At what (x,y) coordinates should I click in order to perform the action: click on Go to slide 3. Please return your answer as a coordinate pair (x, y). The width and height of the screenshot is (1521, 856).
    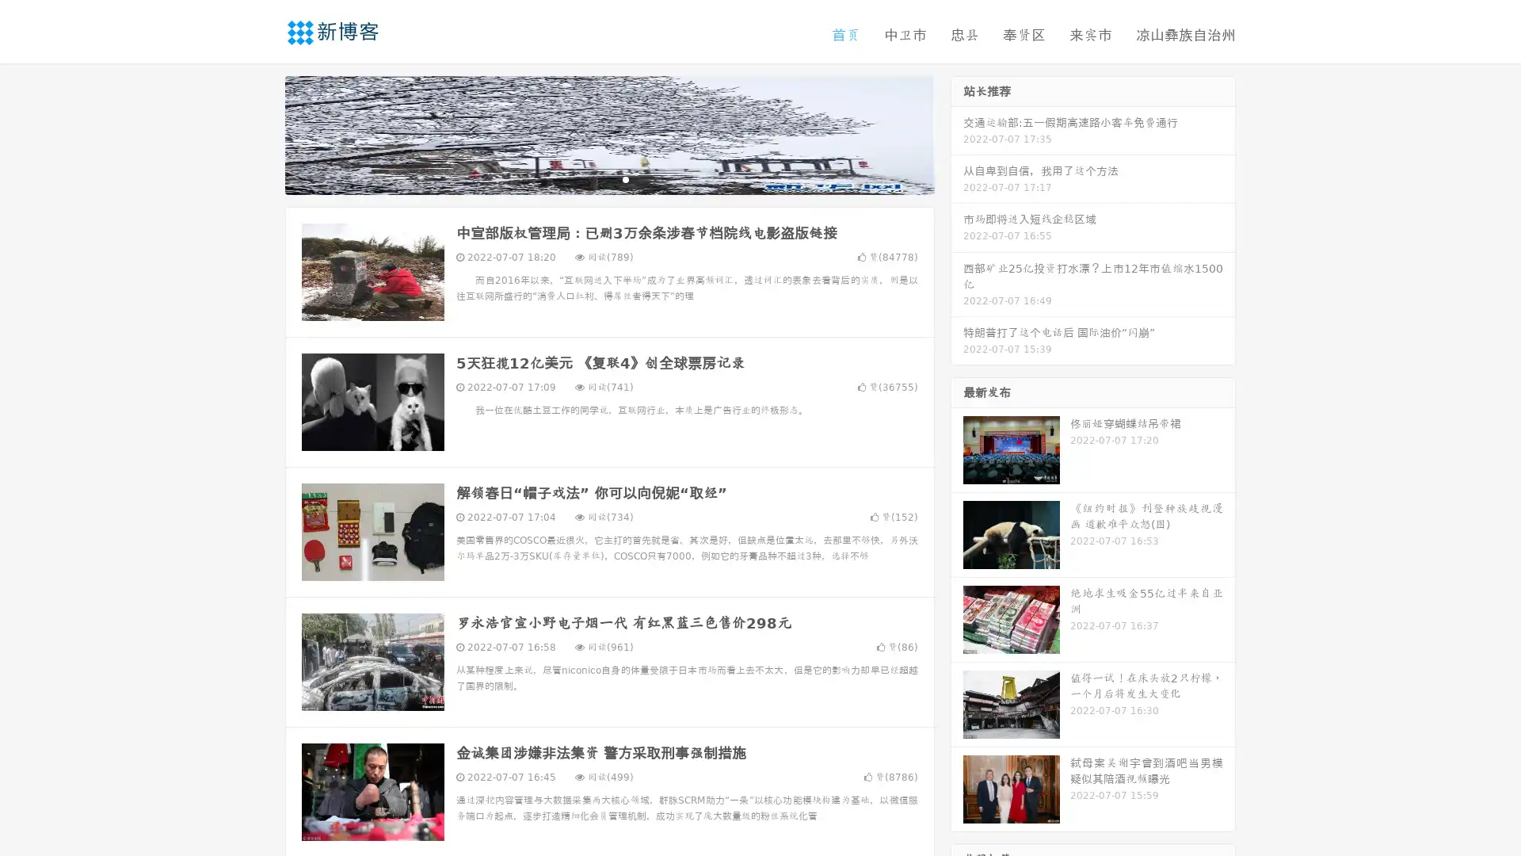
    Looking at the image, I should click on (625, 178).